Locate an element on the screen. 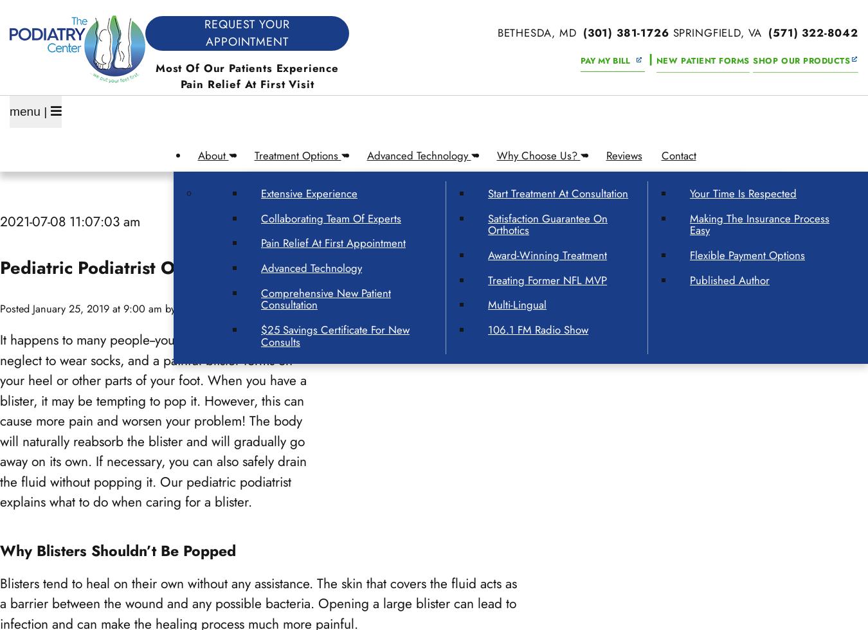 Image resolution: width=868 pixels, height=630 pixels. 'Over 250,000 Patients Helped Since 1980' is located at coordinates (252, 253).